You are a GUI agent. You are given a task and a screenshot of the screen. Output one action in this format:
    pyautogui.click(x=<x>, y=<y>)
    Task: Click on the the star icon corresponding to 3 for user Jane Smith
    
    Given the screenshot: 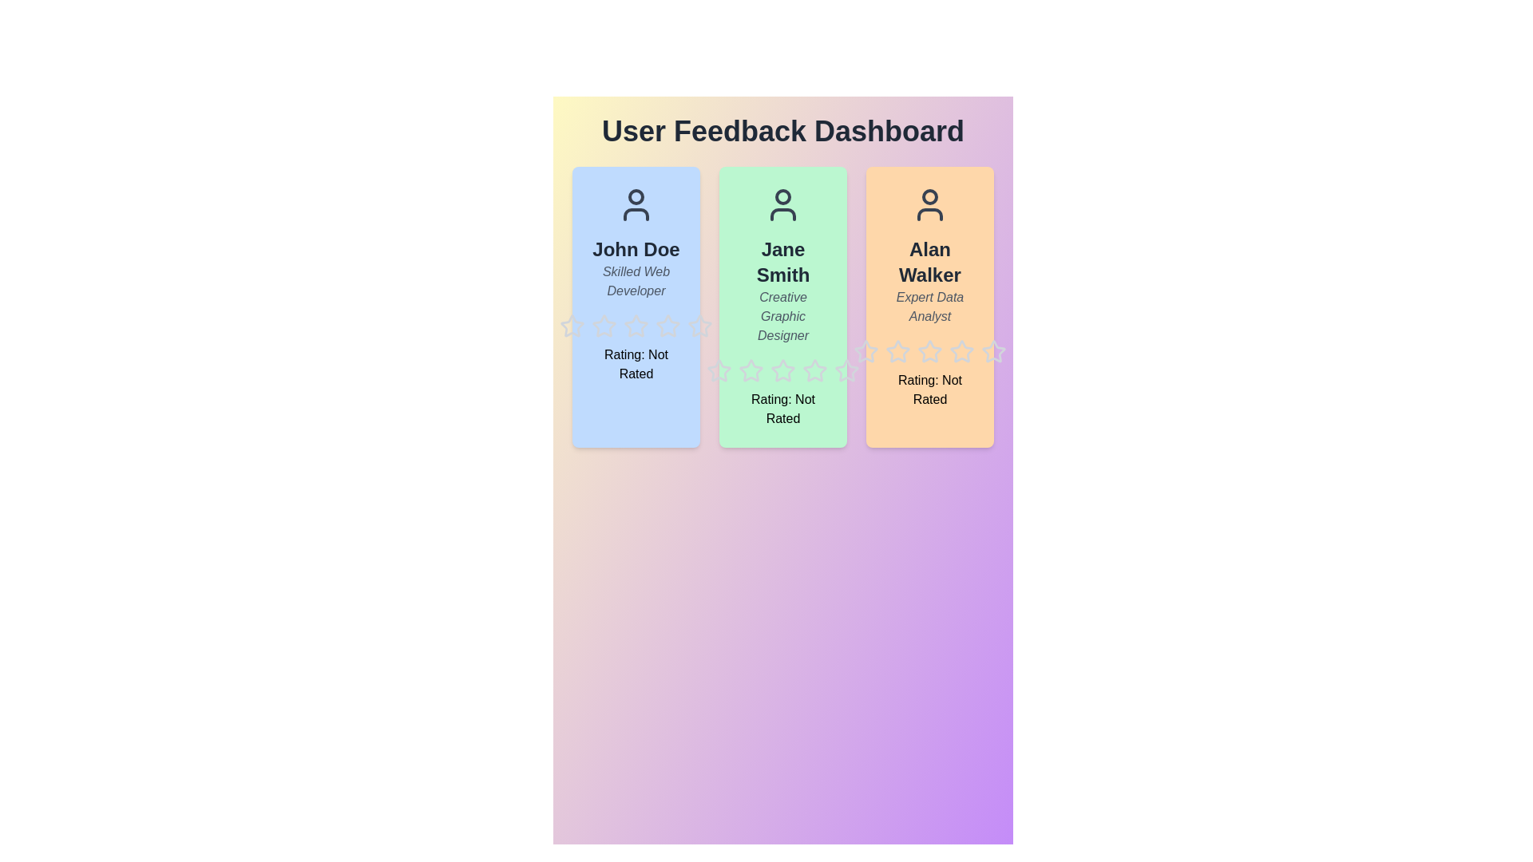 What is the action you would take?
    pyautogui.click(x=770, y=357)
    